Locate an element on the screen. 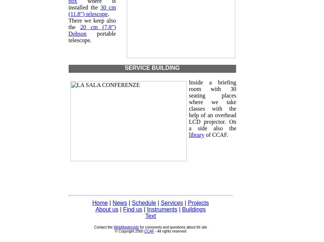 This screenshot has height=242, width=324. 'of CCAF.' is located at coordinates (203, 134).